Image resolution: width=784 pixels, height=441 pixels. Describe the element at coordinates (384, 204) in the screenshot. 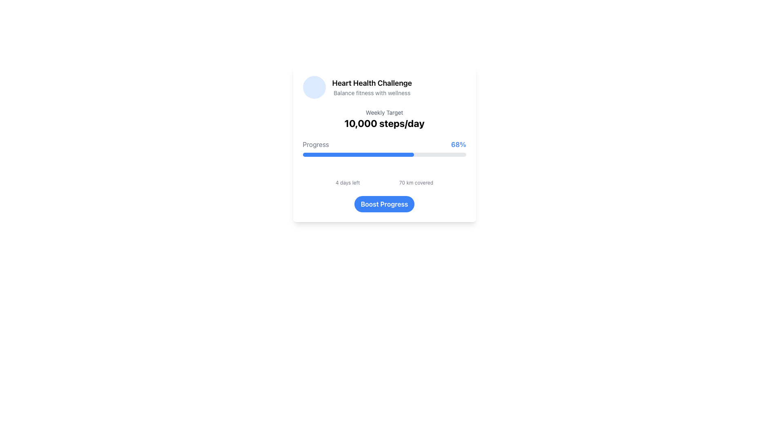

I see `the button intended to trigger an action related to boosting the progress of the goal or challenge displayed in the associated card` at that location.